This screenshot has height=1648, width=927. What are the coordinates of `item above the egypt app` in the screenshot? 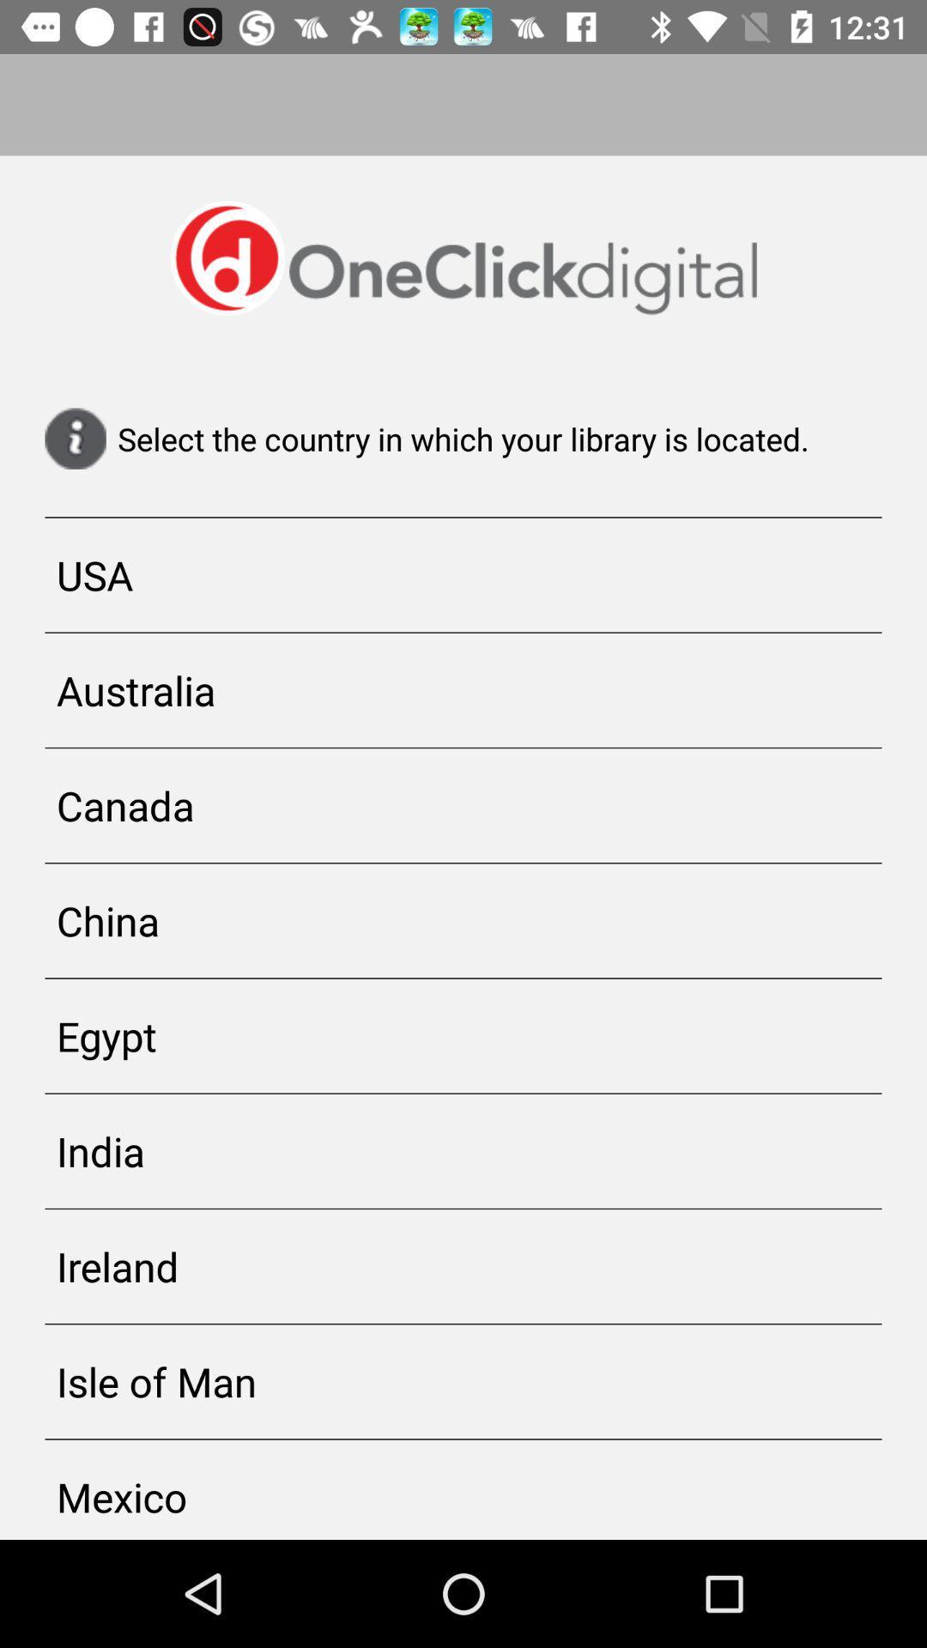 It's located at (463, 919).